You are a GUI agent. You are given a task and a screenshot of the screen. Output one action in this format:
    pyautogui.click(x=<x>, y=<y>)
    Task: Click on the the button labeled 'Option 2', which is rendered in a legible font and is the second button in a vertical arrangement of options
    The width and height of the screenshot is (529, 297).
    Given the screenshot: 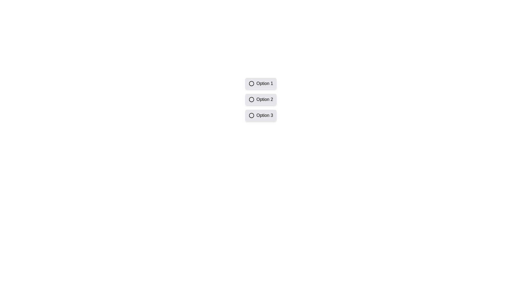 What is the action you would take?
    pyautogui.click(x=264, y=100)
    